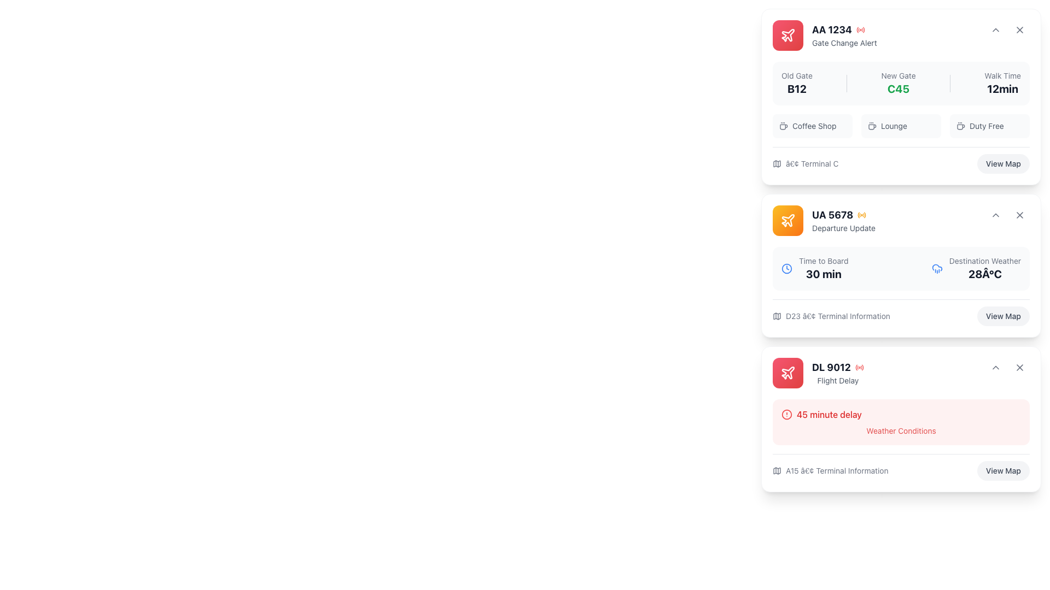 The height and width of the screenshot is (590, 1050). Describe the element at coordinates (899, 88) in the screenshot. I see `text label displaying 'C45', which is styled in bold green font and is located under the 'New Gate' section in the flight information card` at that location.